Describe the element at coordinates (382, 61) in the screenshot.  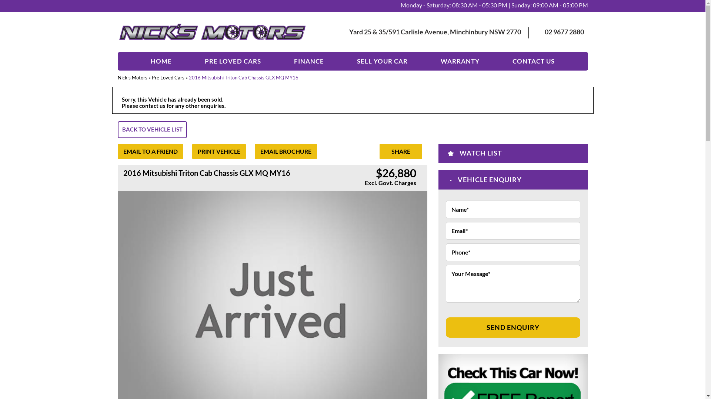
I see `'SELL YOUR CAR'` at that location.